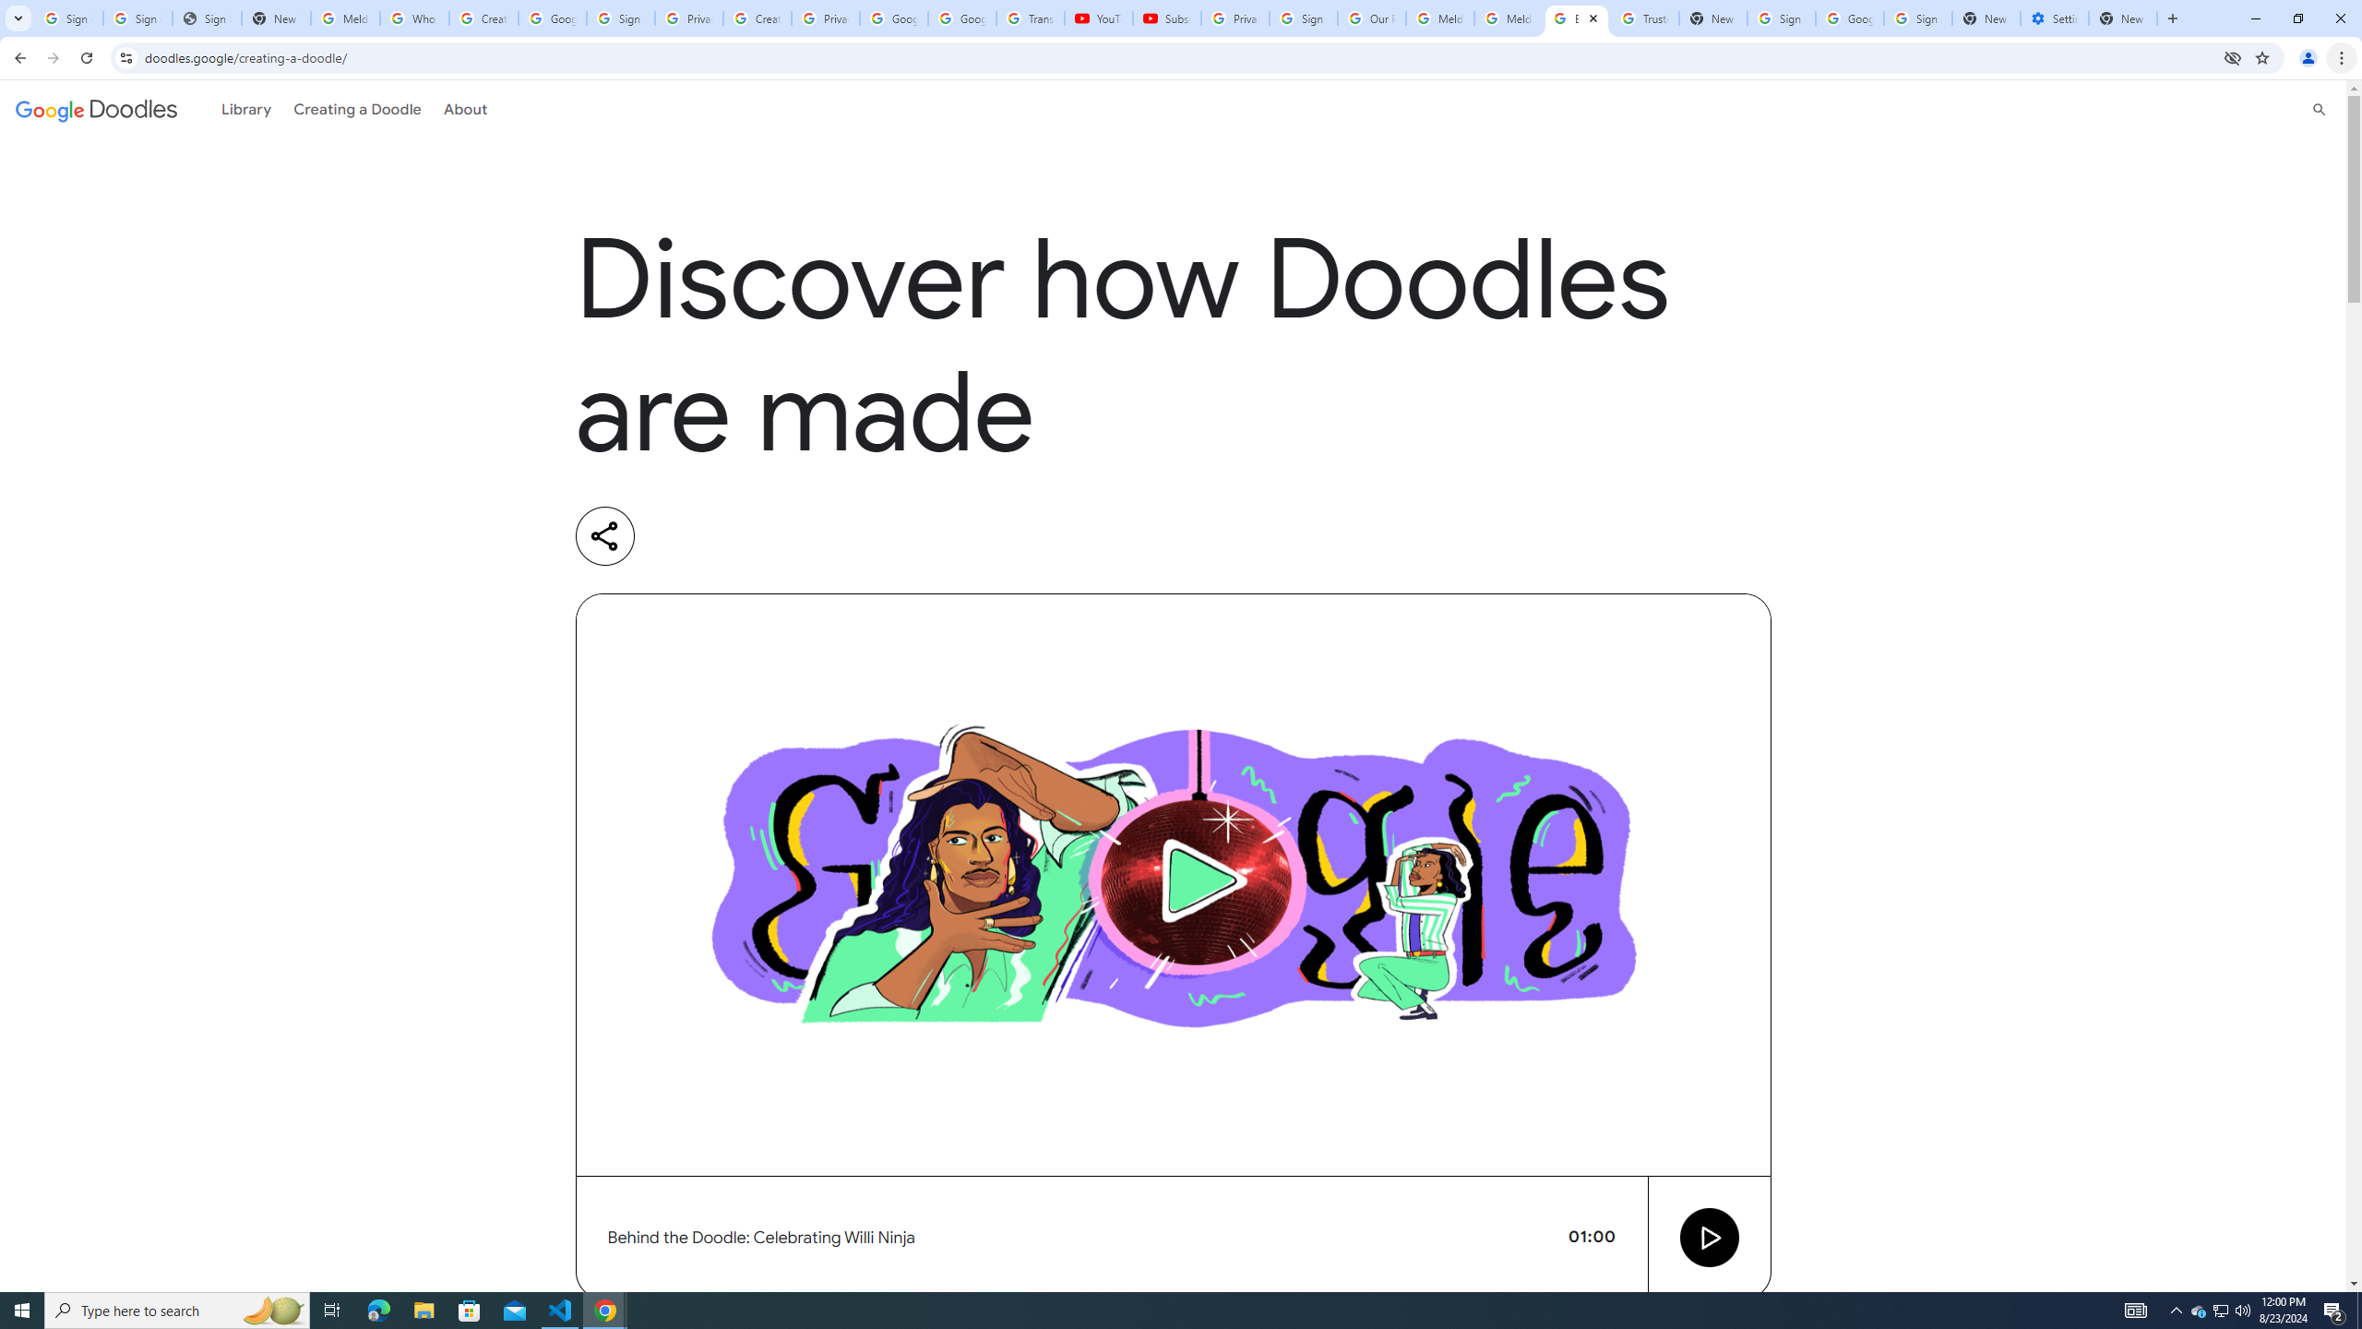 The width and height of the screenshot is (2362, 1329). I want to click on 'Explore the Process of Creating a Doodle - Google Doodles', so click(1577, 18).